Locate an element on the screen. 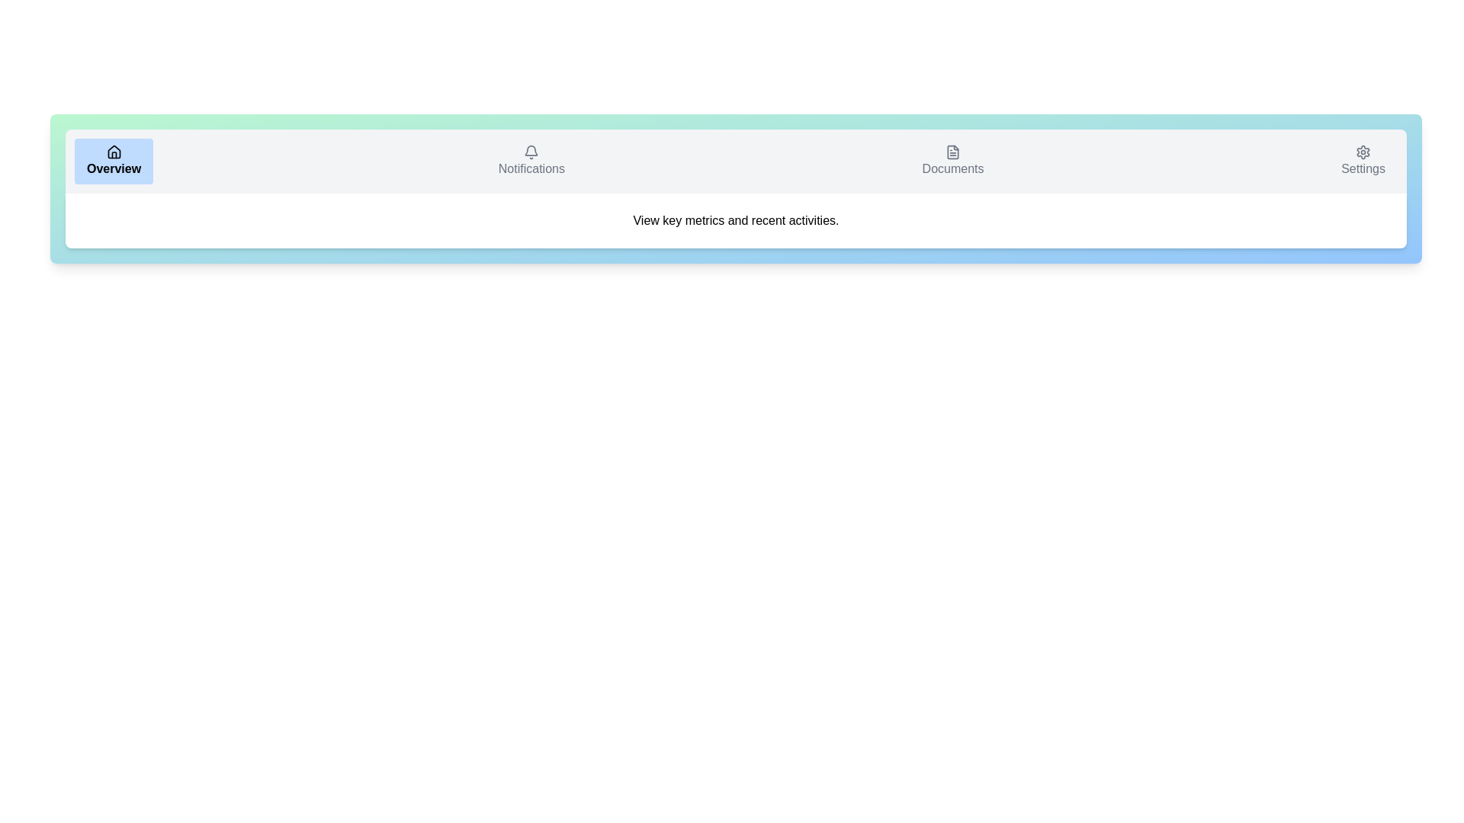  the Settings tab to display its content is located at coordinates (1363, 162).